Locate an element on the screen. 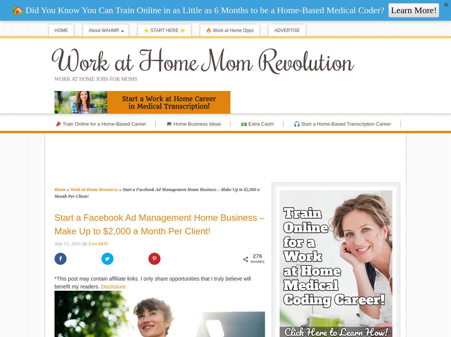 The height and width of the screenshot is (337, 451). '💻 Home Business Ideas' is located at coordinates (193, 124).